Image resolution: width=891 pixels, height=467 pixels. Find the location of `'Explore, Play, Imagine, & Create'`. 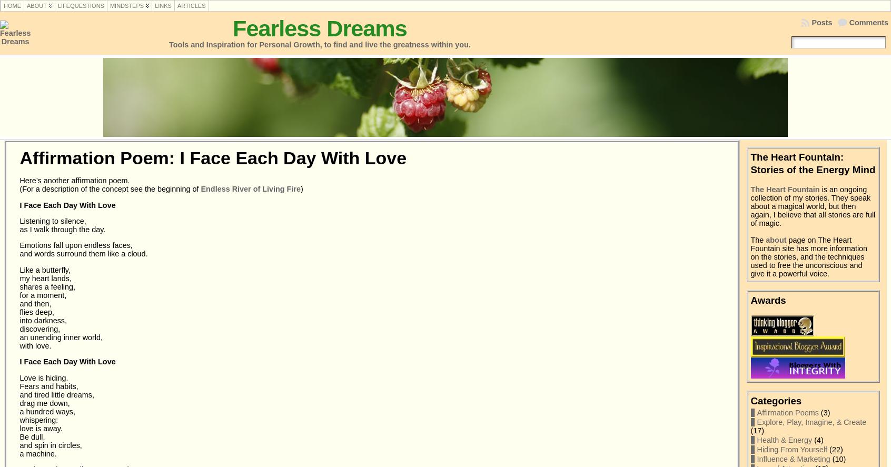

'Explore, Play, Imagine, & Create' is located at coordinates (811, 422).